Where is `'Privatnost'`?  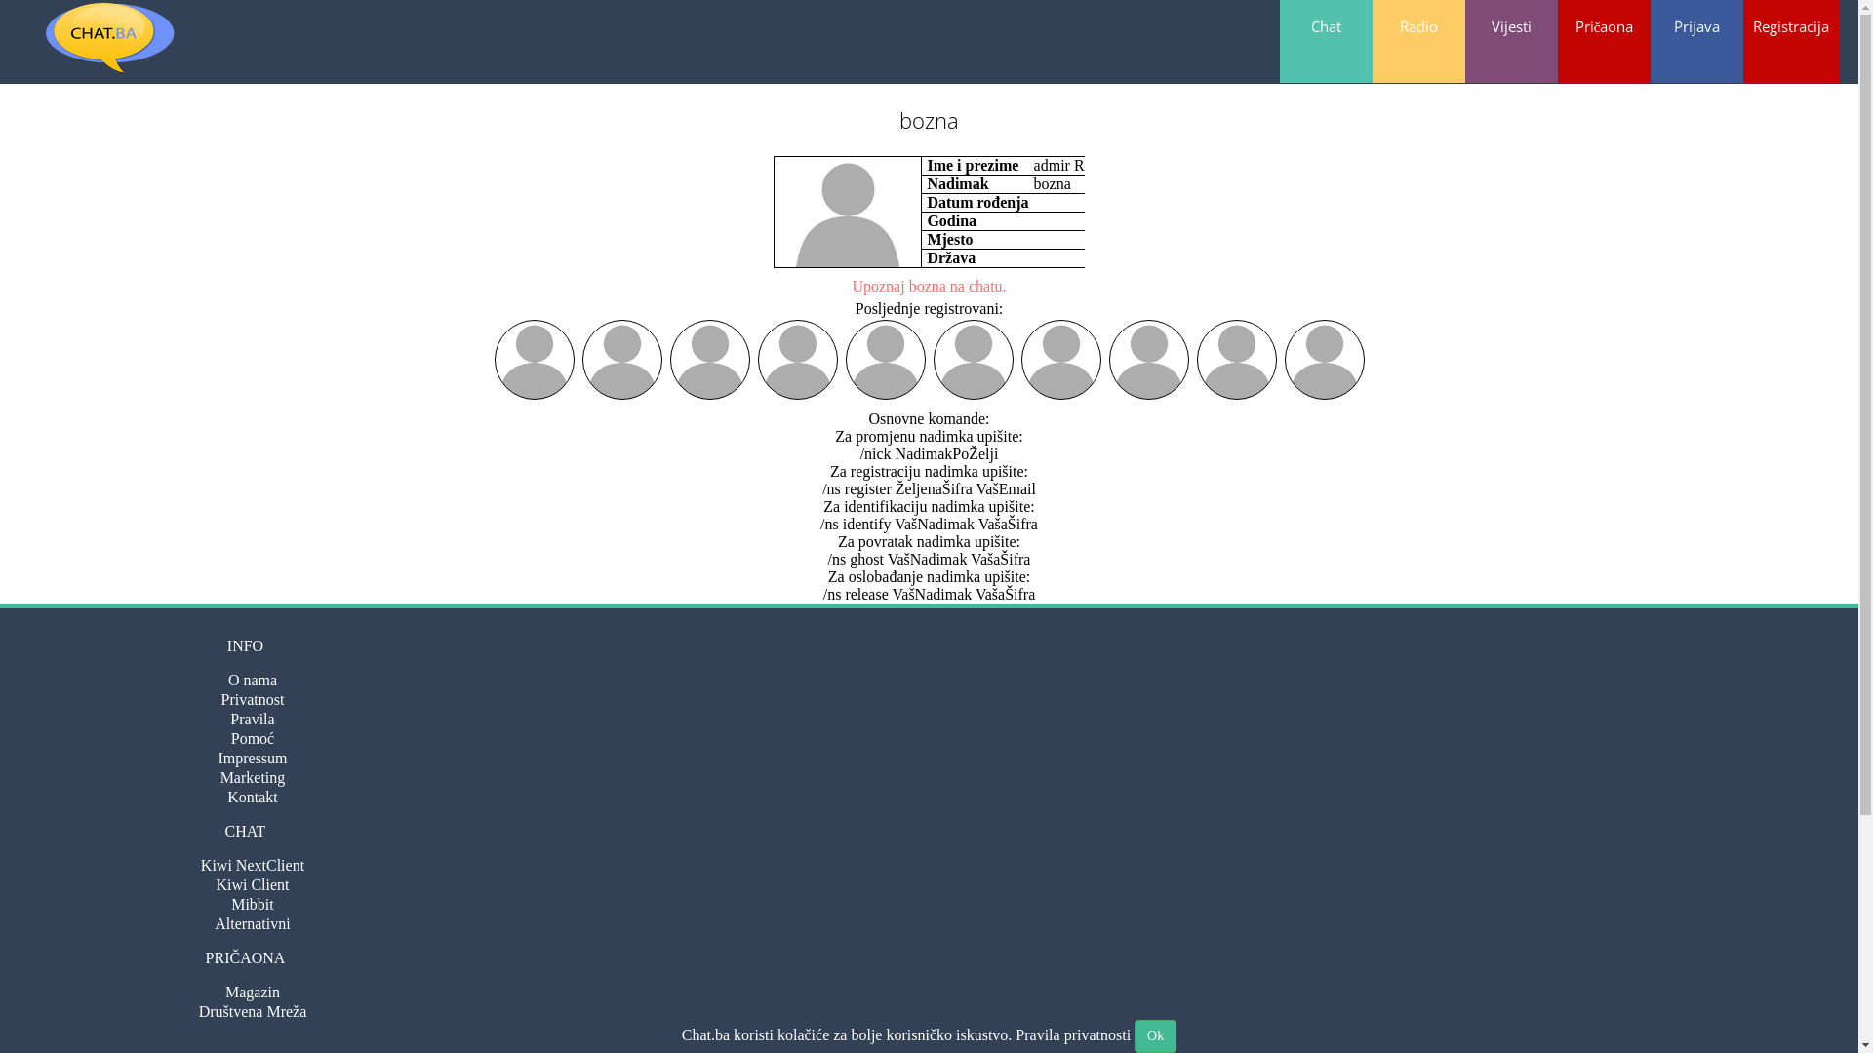
'Privatnost' is located at coordinates (252, 698).